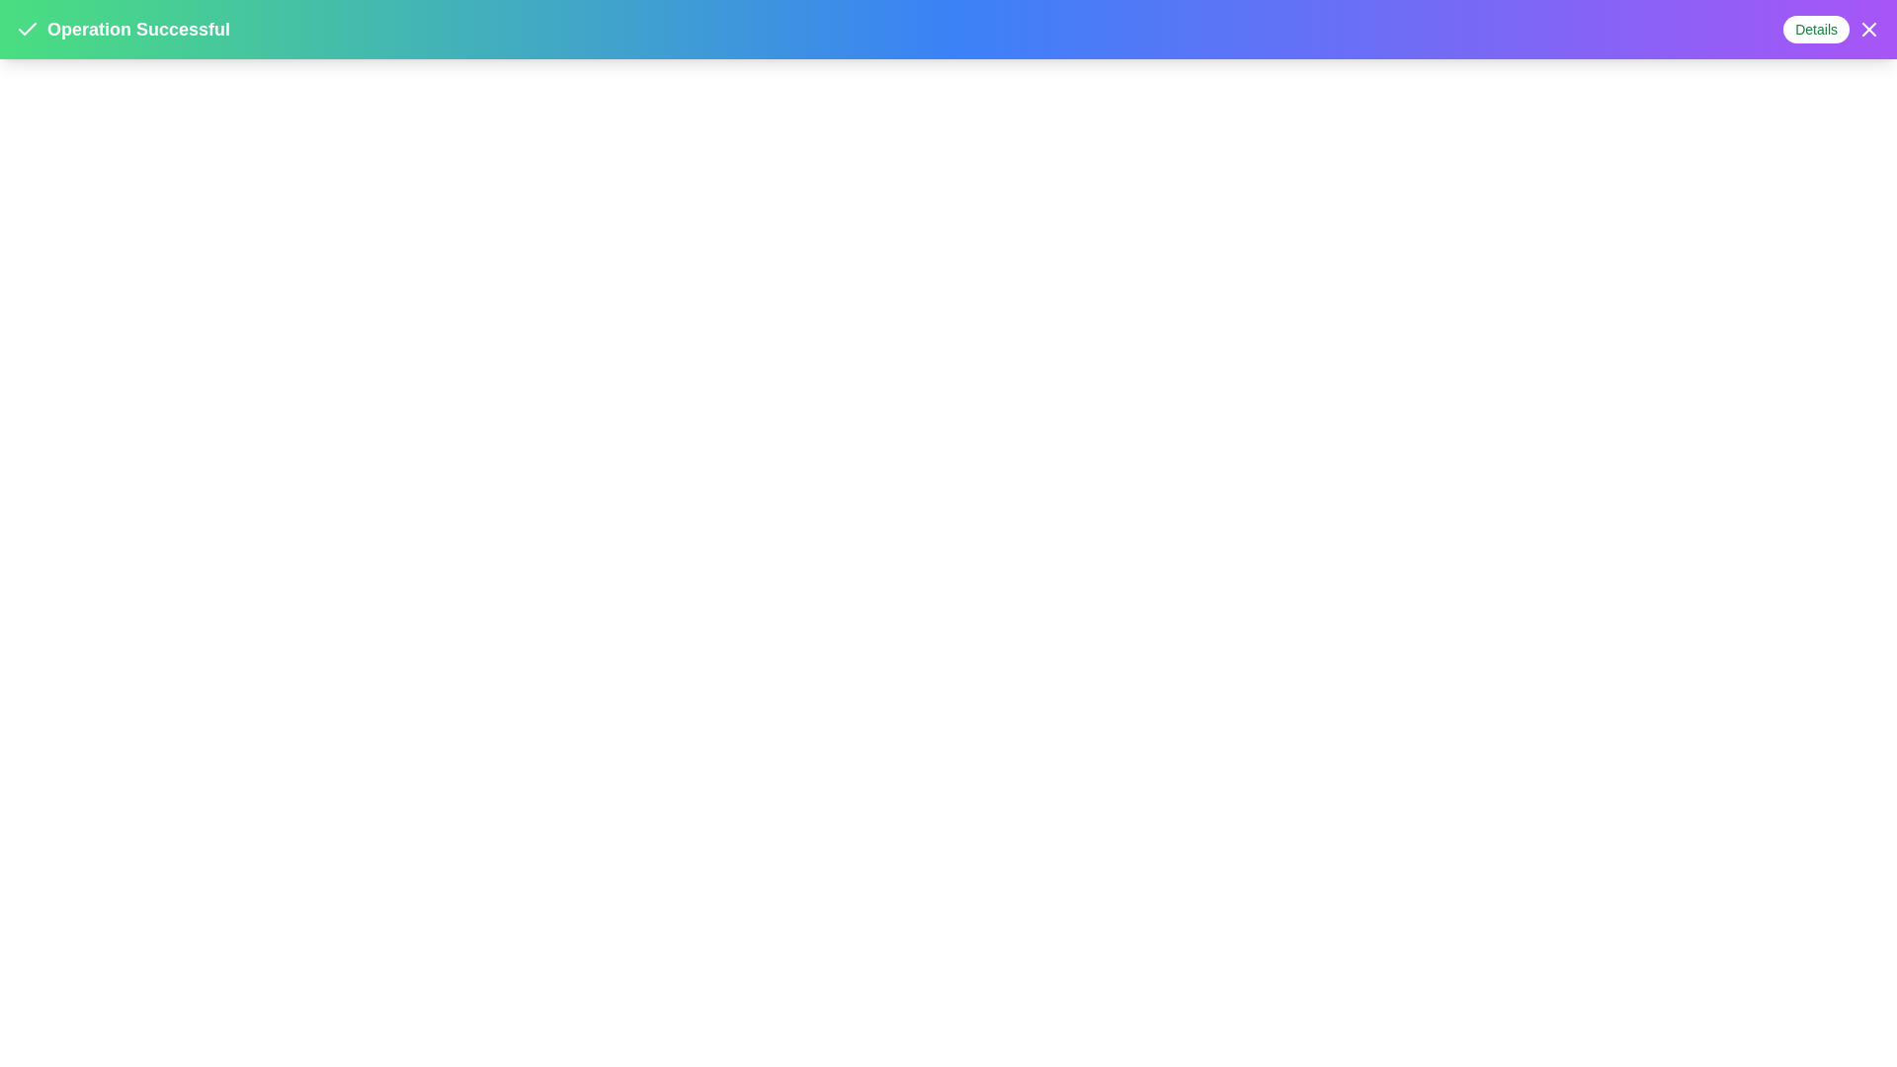 This screenshot has height=1067, width=1897. What do you see at coordinates (28, 29) in the screenshot?
I see `the green checkmark icon located to the left of the 'Operation Successful' text in the header bar` at bounding box center [28, 29].